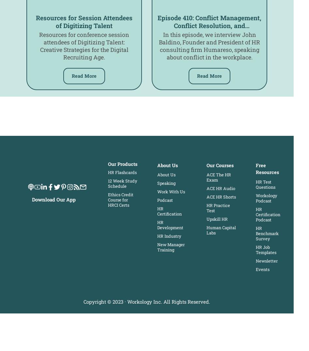  Describe the element at coordinates (267, 168) in the screenshot. I see `'Free Resources'` at that location.